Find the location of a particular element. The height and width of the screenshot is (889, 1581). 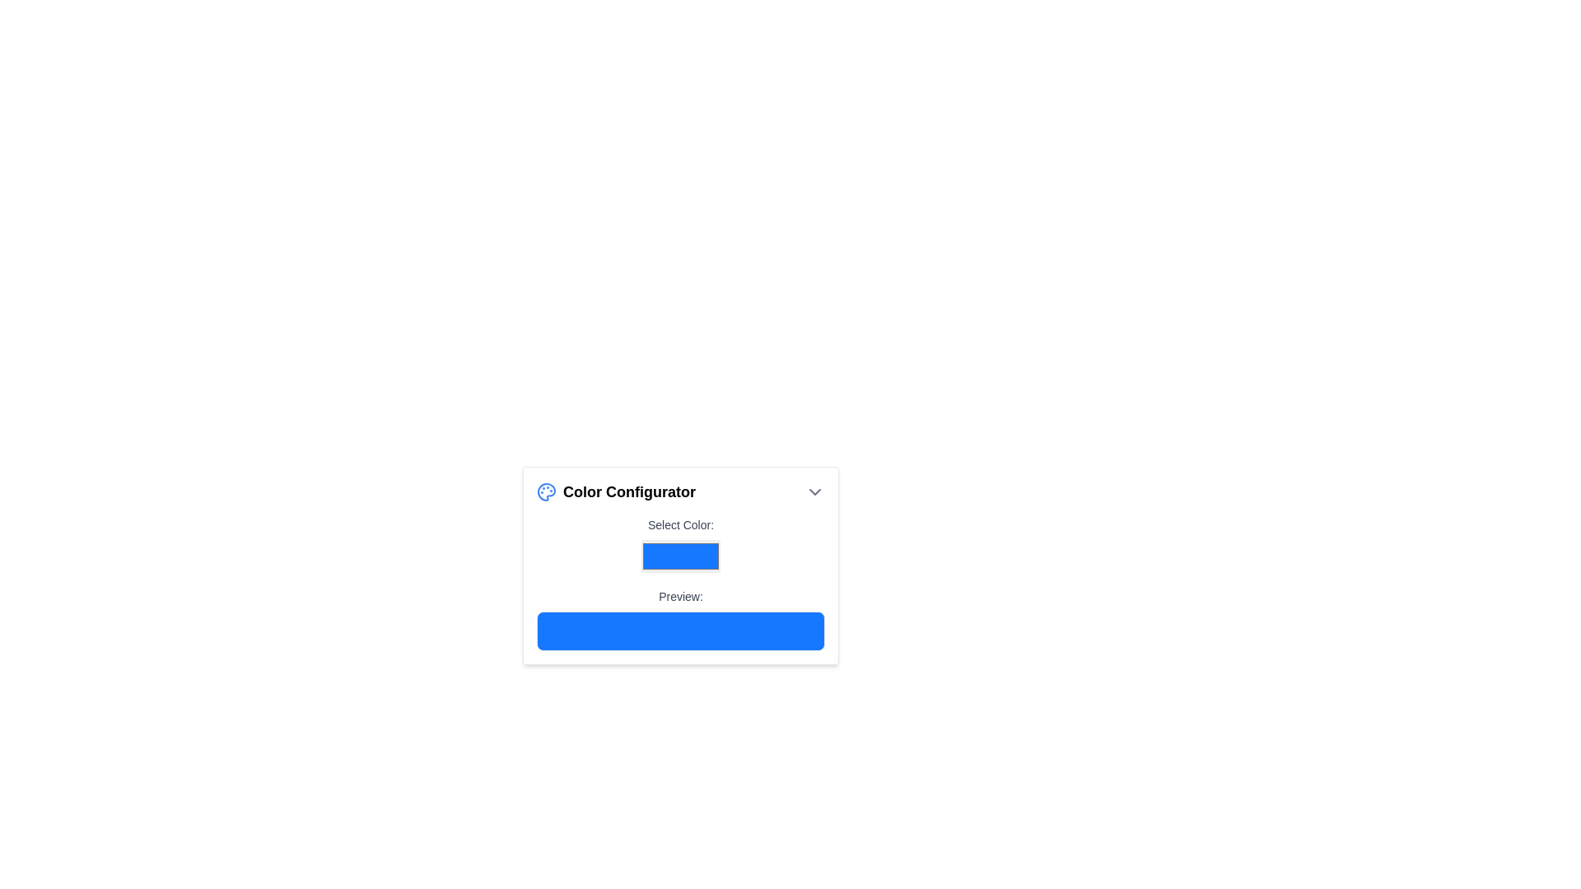

the color input field located in the 'Color Configurator' section, directly below the label 'Select Color:' is located at coordinates (680, 546).